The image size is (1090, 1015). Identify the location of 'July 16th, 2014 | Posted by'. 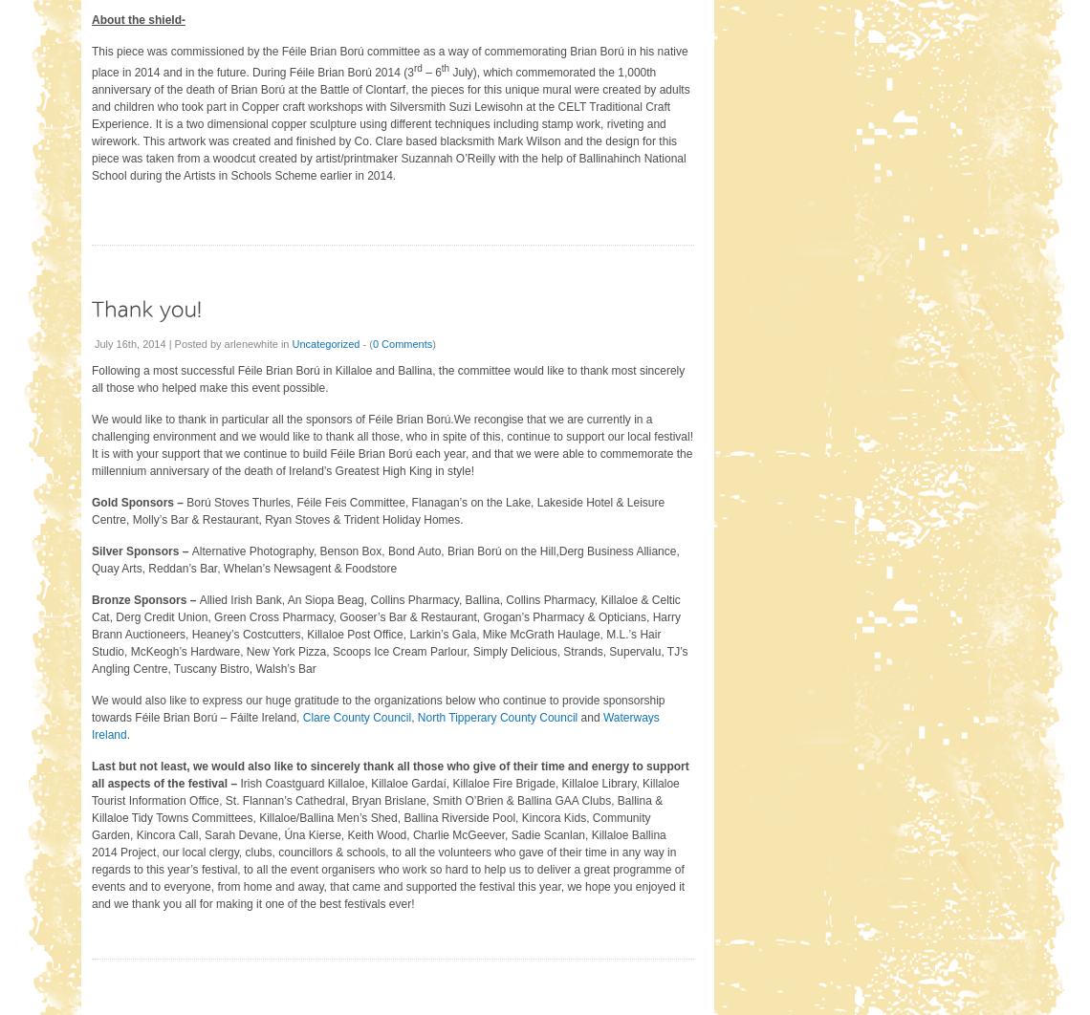
(159, 341).